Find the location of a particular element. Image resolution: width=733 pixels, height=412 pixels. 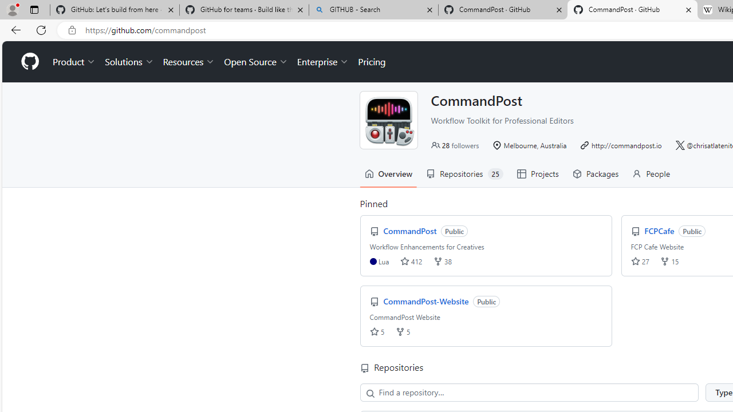

'forks 38' is located at coordinates (442, 261).